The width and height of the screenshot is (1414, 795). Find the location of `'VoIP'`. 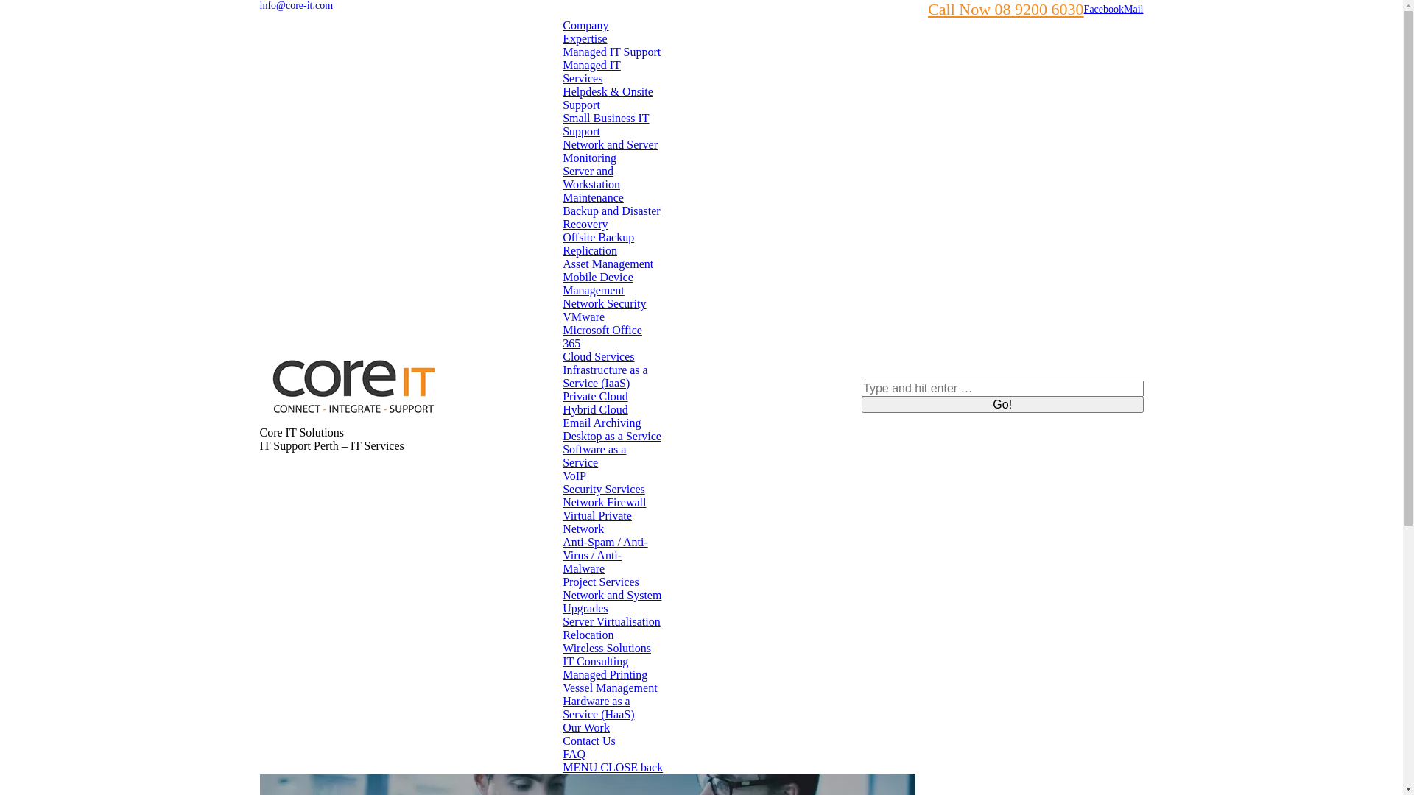

'VoIP' is located at coordinates (573, 476).